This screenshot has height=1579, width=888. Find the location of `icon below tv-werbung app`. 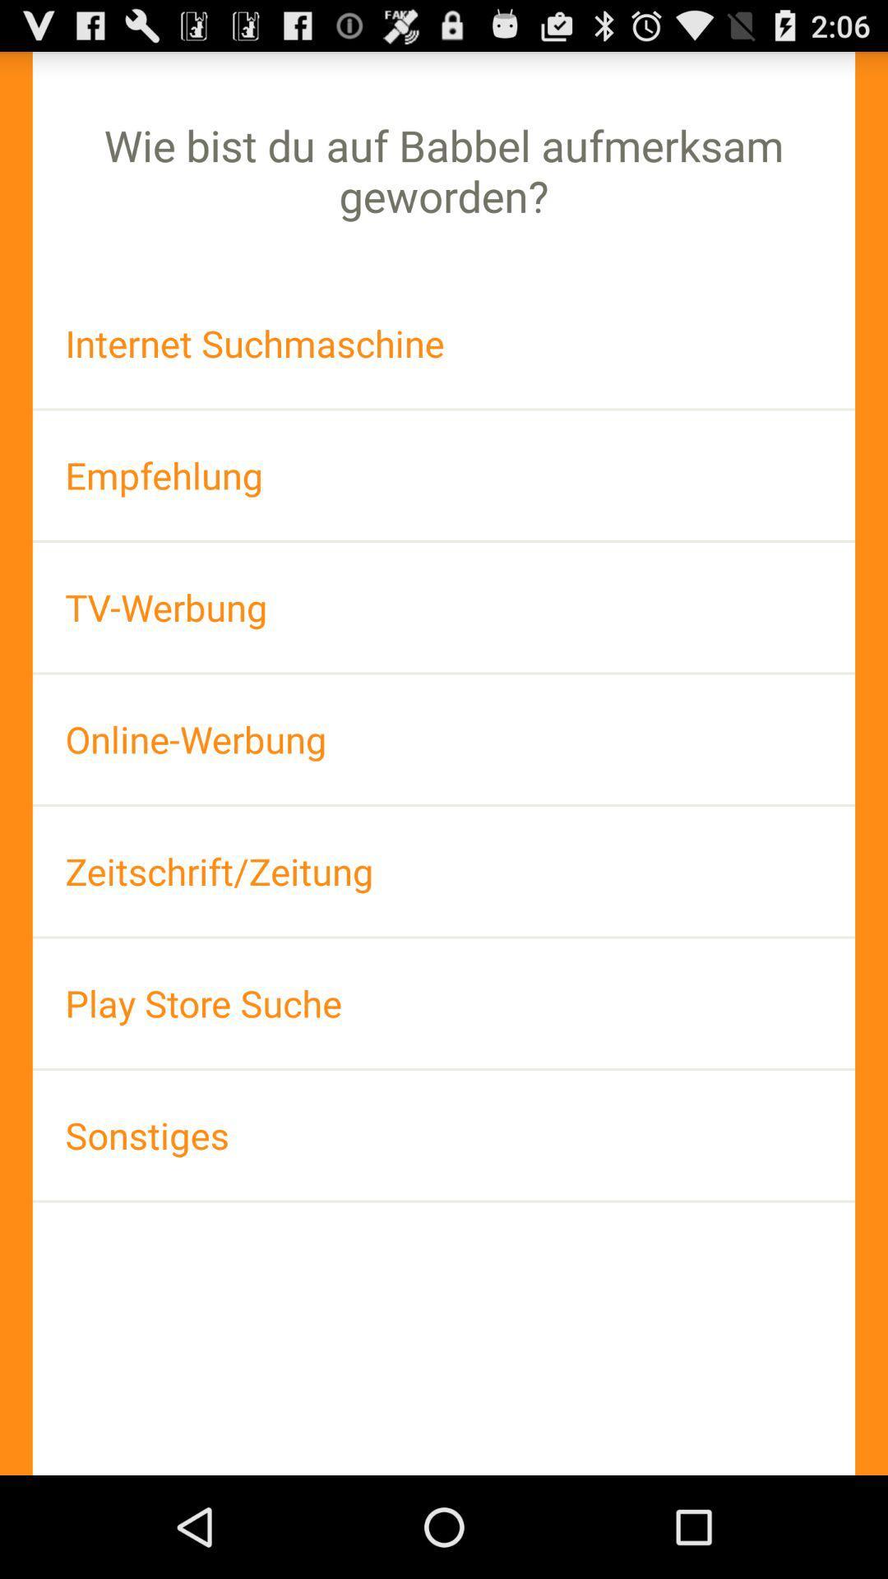

icon below tv-werbung app is located at coordinates (444, 739).